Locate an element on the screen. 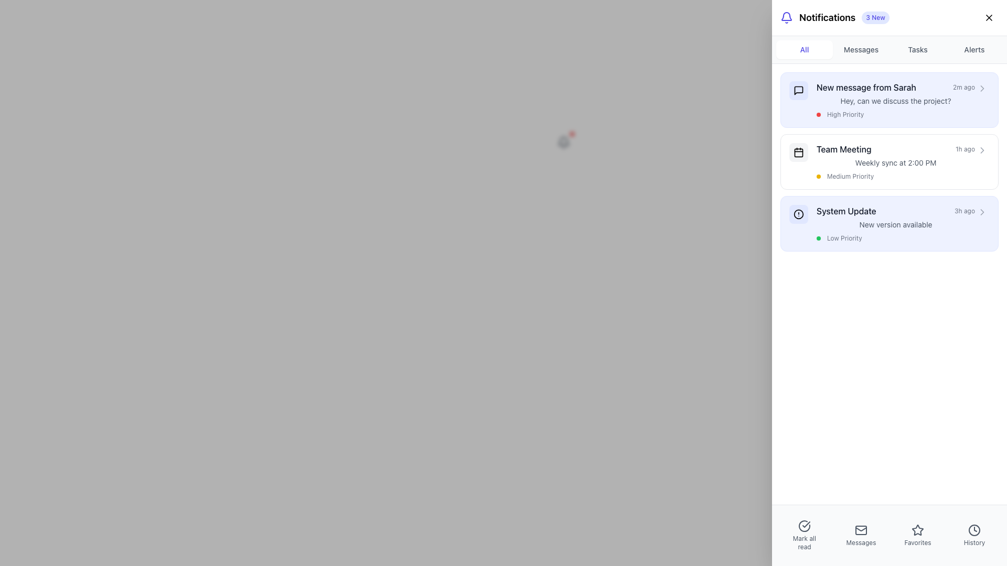 This screenshot has height=566, width=1007. text label displaying the relative time located at the far right end of the 'Team Meeting' notification card is located at coordinates (965, 149).